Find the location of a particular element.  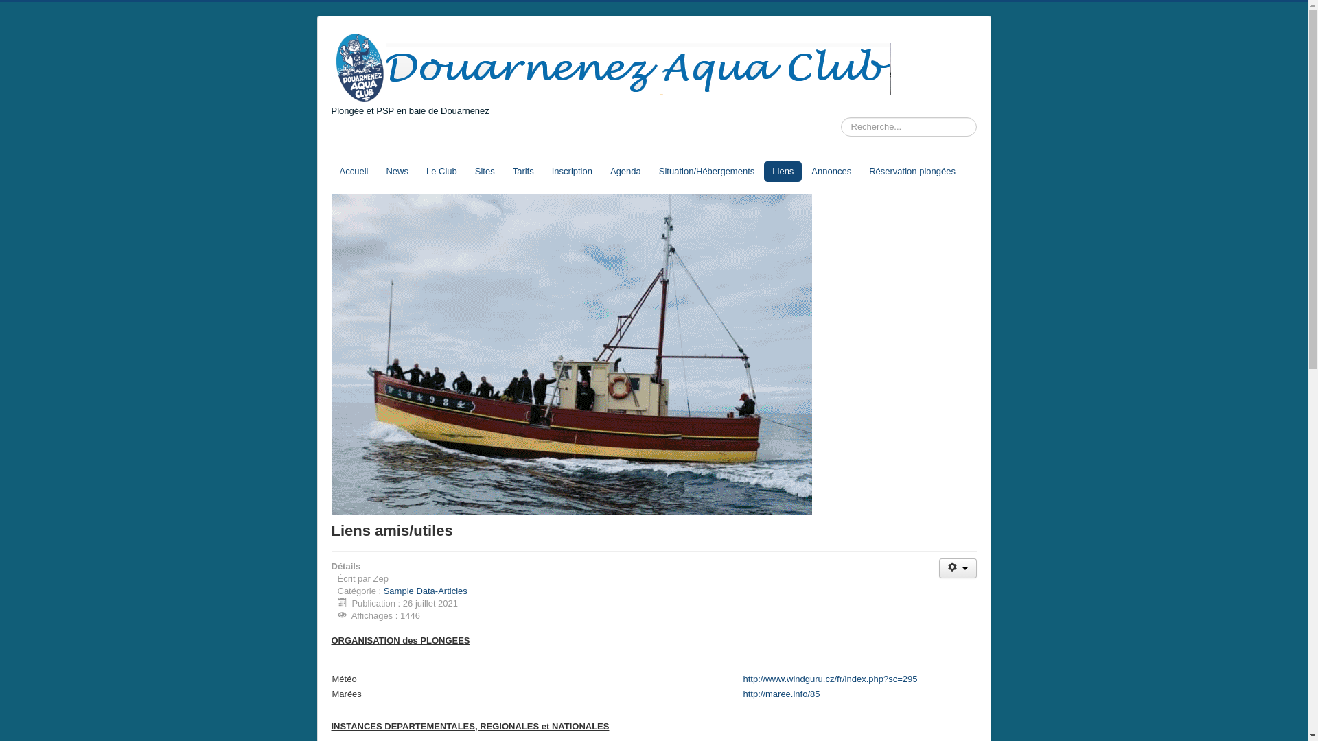

'Tarifs' is located at coordinates (522, 171).